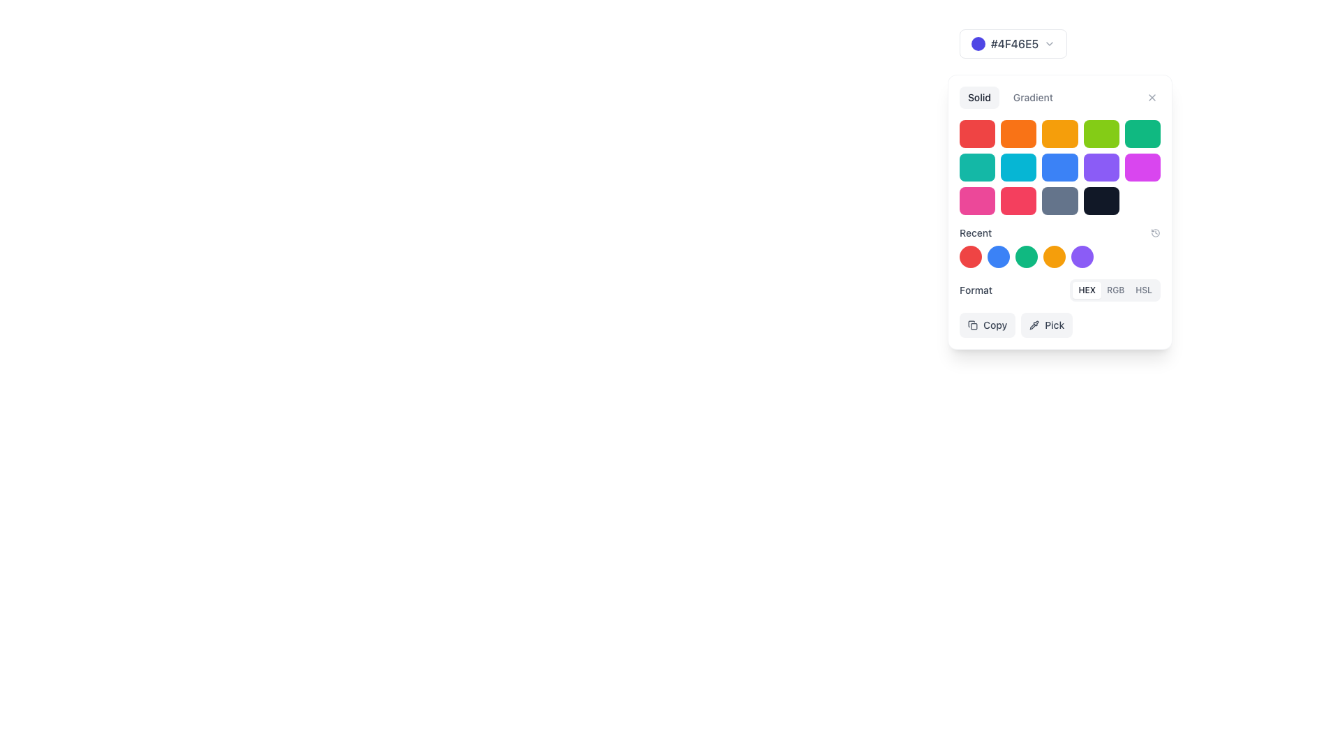 The height and width of the screenshot is (754, 1340). I want to click on to select the 'Solid' option in the Toggle Button Group, which is the first element in the color selection panel and features a light gray background with bold black text, so click(1010, 96).